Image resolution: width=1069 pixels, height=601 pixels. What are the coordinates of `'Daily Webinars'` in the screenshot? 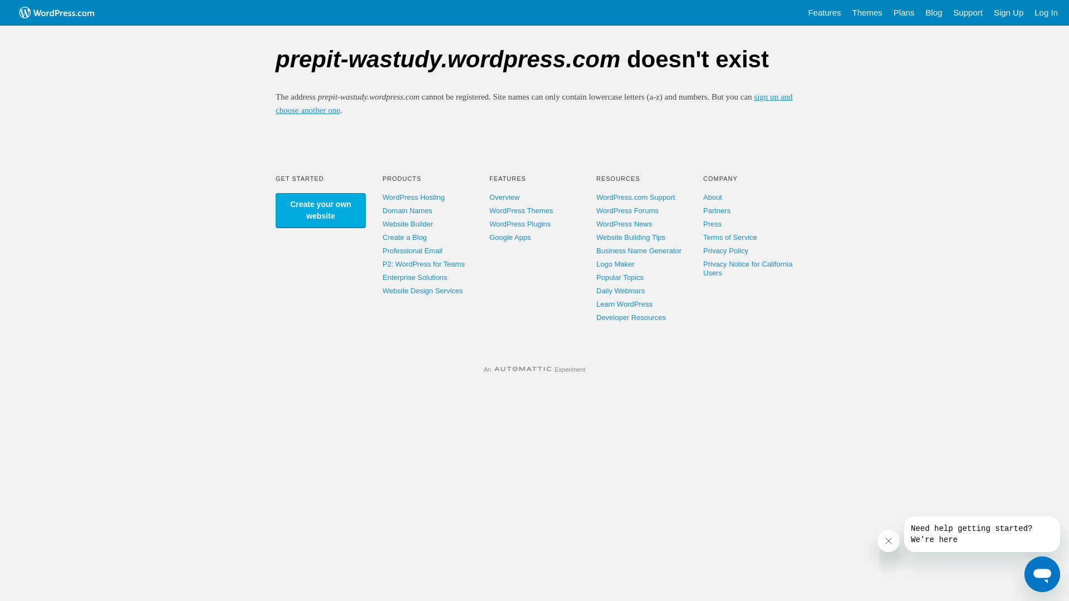 It's located at (620, 290).